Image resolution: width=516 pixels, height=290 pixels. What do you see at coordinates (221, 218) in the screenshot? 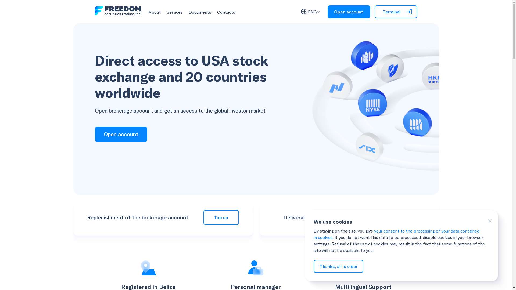
I see `'Top up'` at bounding box center [221, 218].